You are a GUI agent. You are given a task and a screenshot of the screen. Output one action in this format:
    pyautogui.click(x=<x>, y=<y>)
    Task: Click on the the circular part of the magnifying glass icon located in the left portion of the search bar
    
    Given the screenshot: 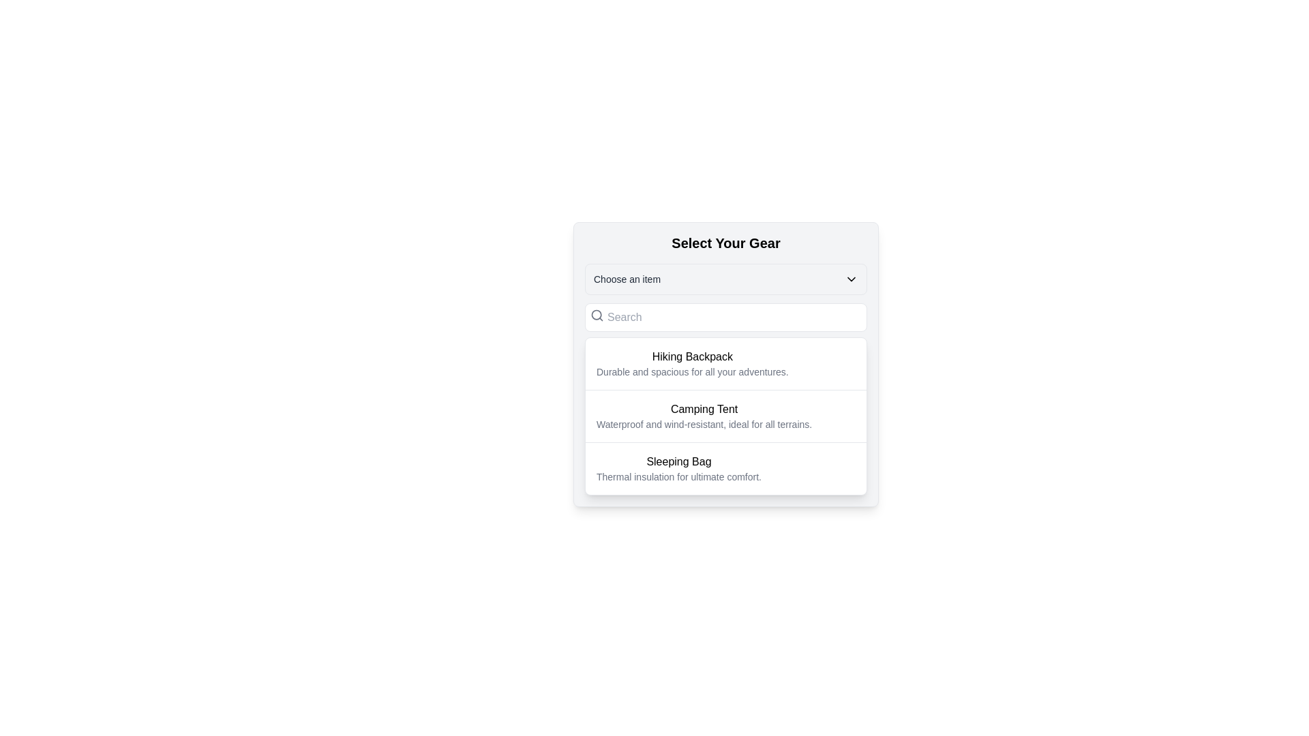 What is the action you would take?
    pyautogui.click(x=597, y=315)
    